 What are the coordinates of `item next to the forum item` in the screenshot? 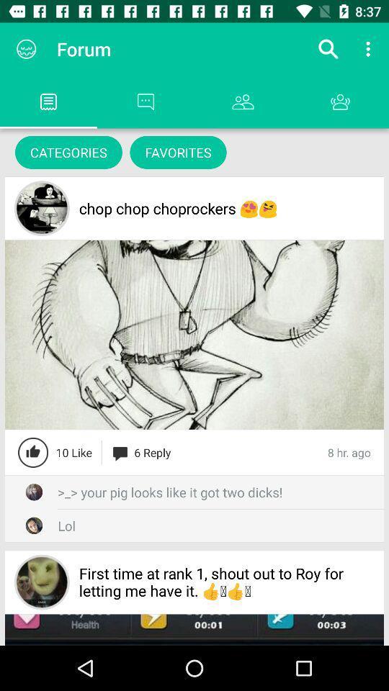 It's located at (328, 49).